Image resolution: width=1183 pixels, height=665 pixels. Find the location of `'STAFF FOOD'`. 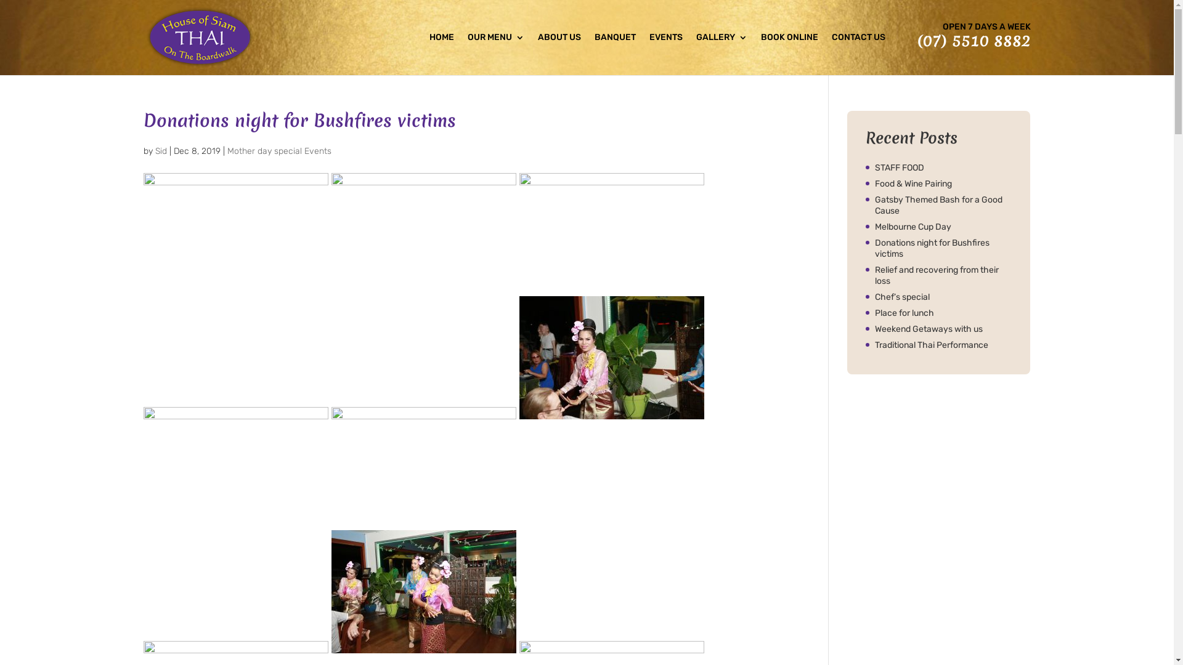

'STAFF FOOD' is located at coordinates (943, 168).